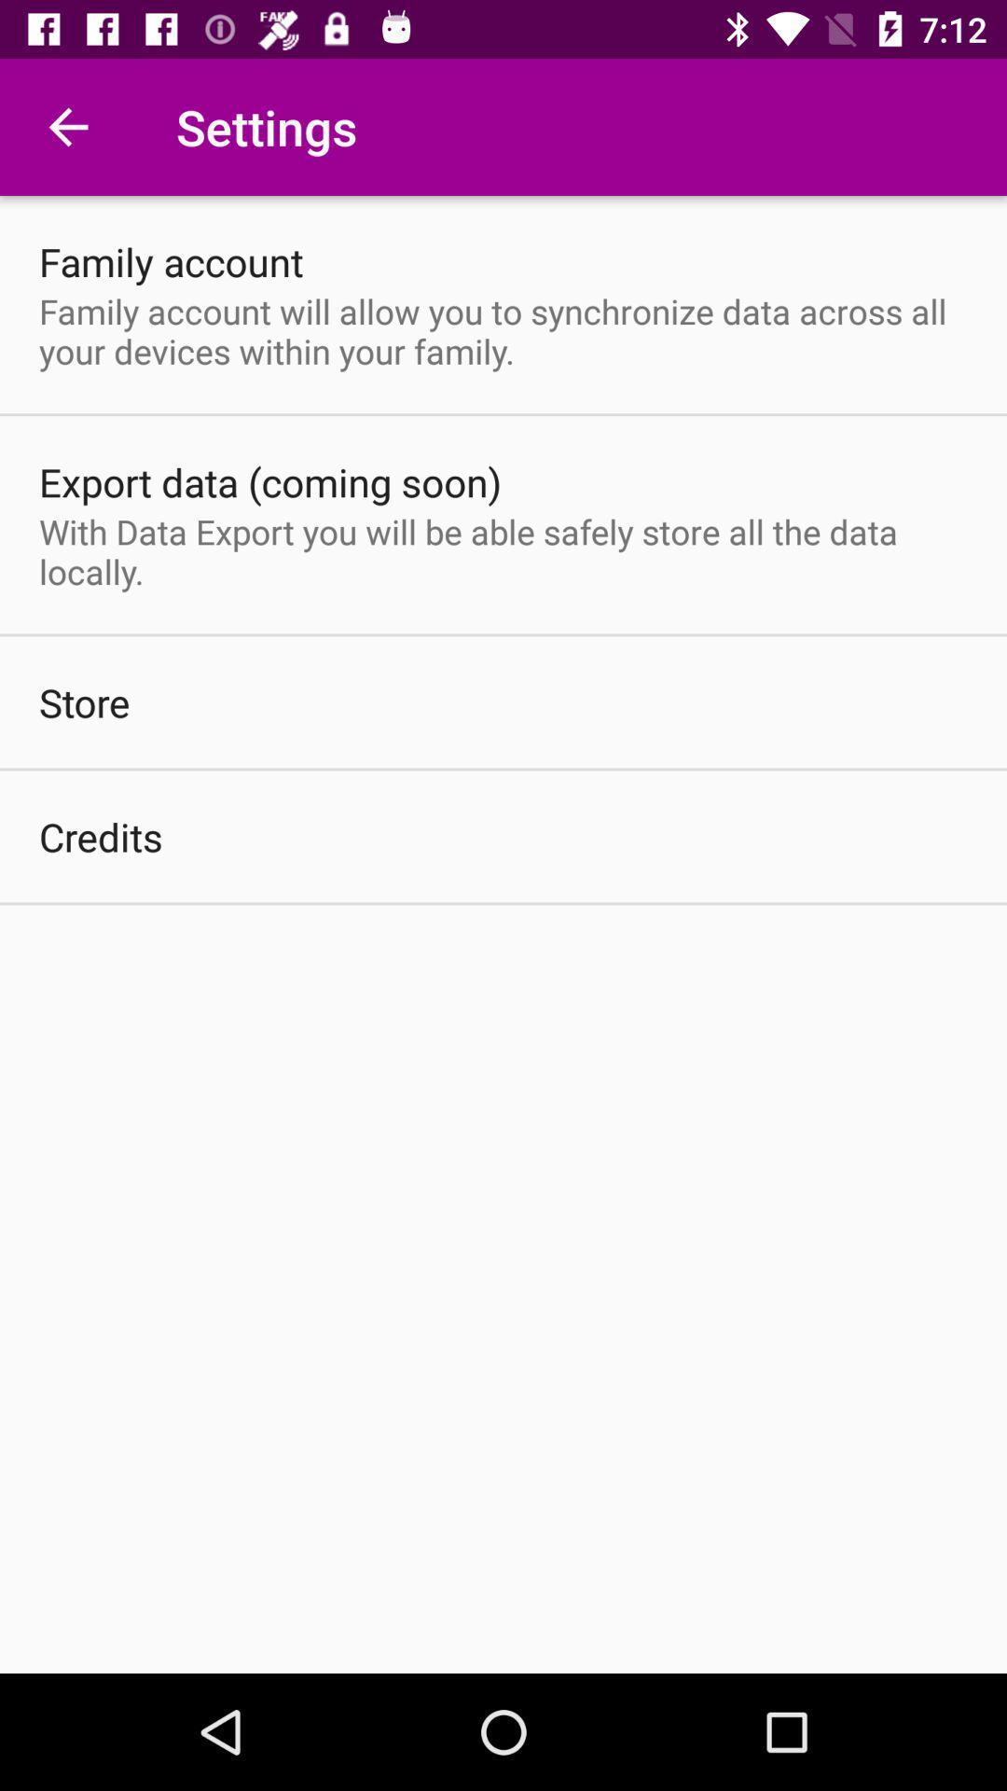 This screenshot has height=1791, width=1007. What do you see at coordinates (101, 836) in the screenshot?
I see `the icon below the store icon` at bounding box center [101, 836].